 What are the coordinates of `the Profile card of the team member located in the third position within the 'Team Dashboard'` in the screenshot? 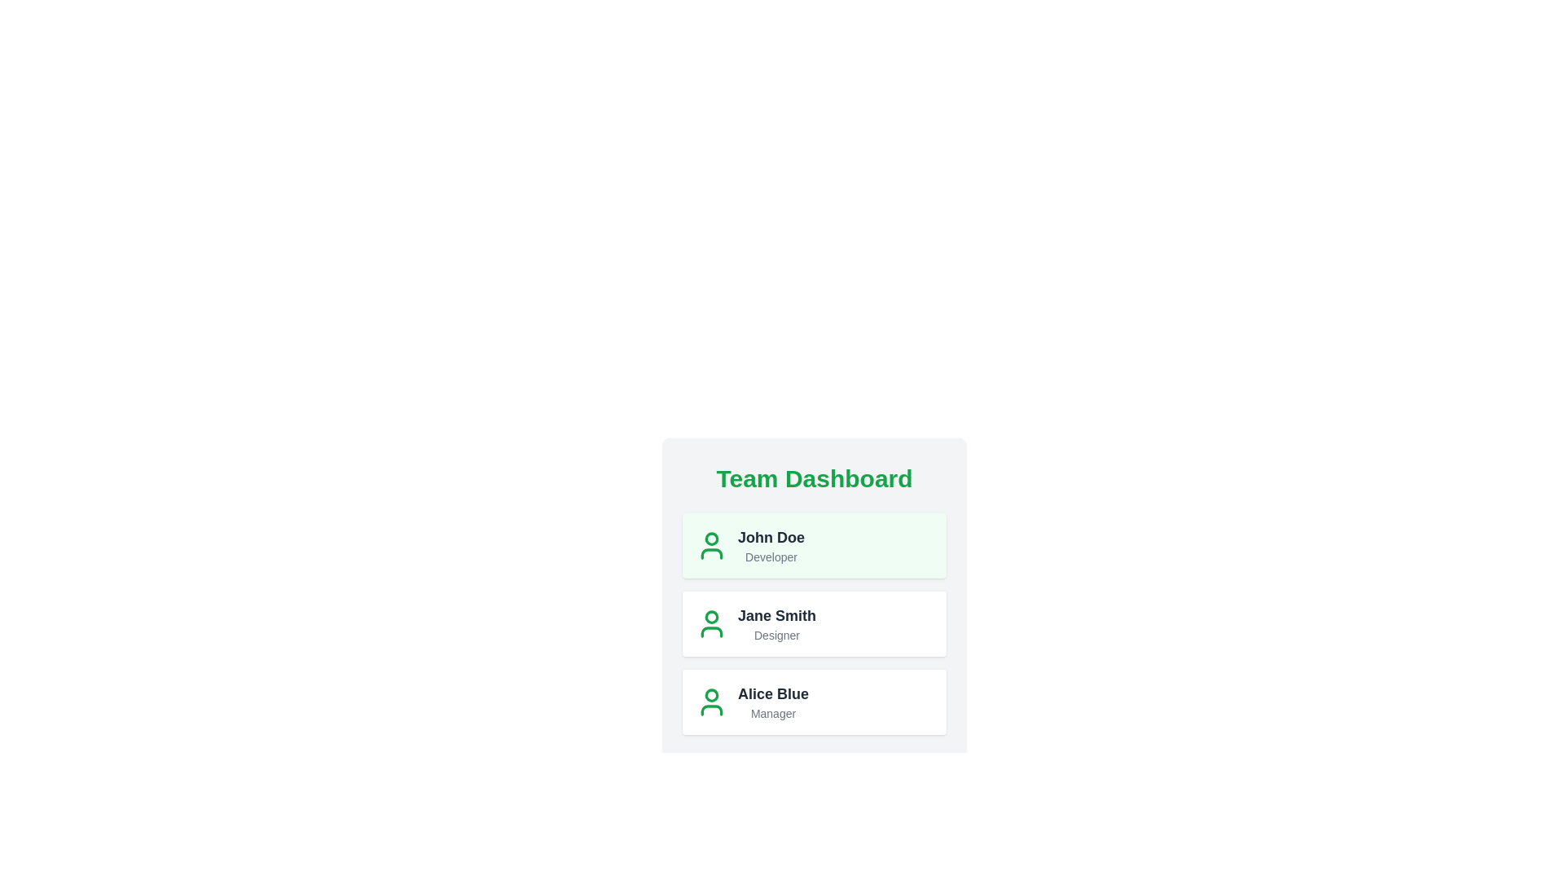 It's located at (814, 701).